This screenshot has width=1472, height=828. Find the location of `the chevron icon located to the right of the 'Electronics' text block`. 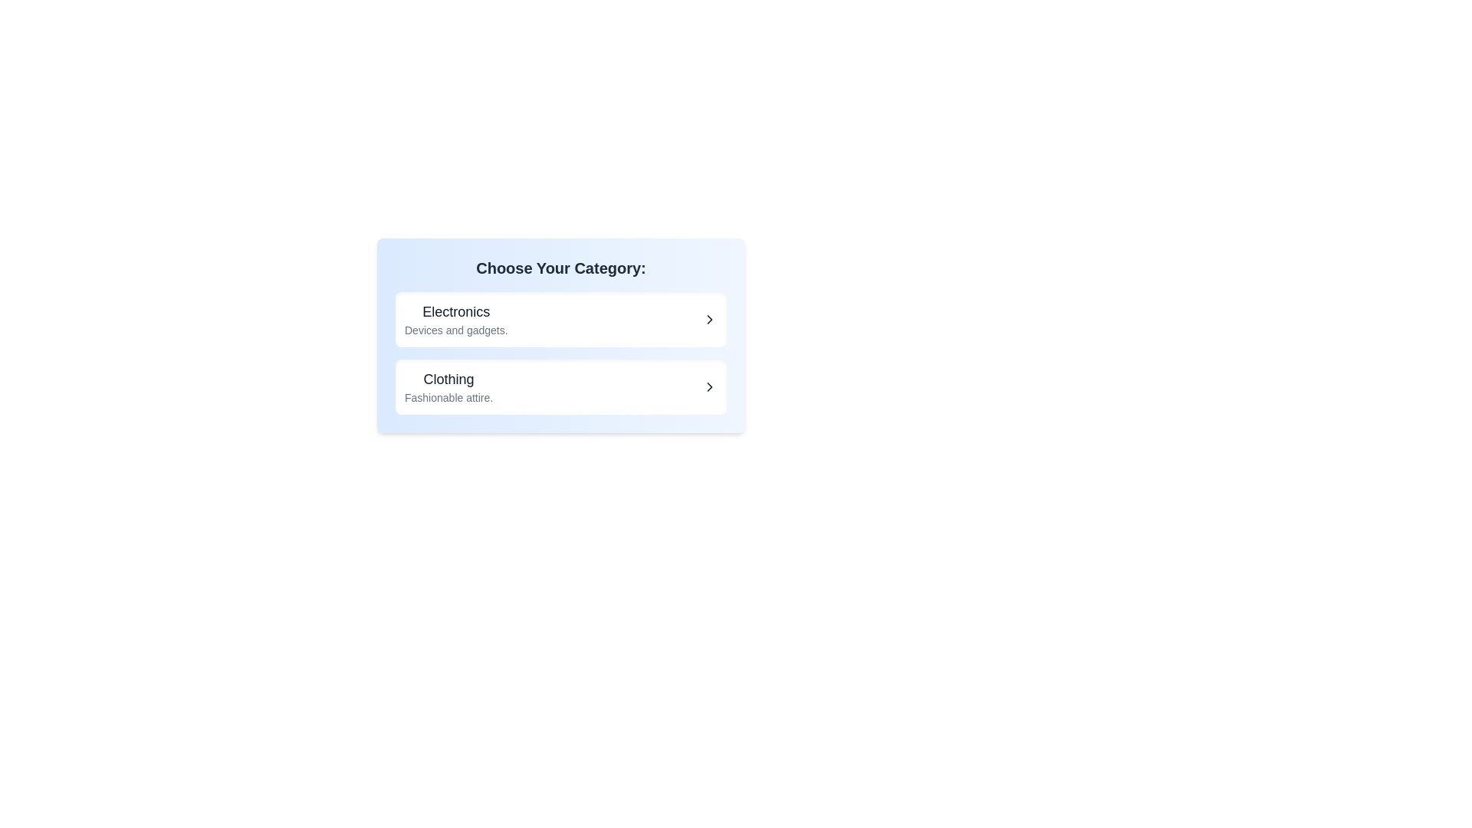

the chevron icon located to the right of the 'Electronics' text block is located at coordinates (709, 318).